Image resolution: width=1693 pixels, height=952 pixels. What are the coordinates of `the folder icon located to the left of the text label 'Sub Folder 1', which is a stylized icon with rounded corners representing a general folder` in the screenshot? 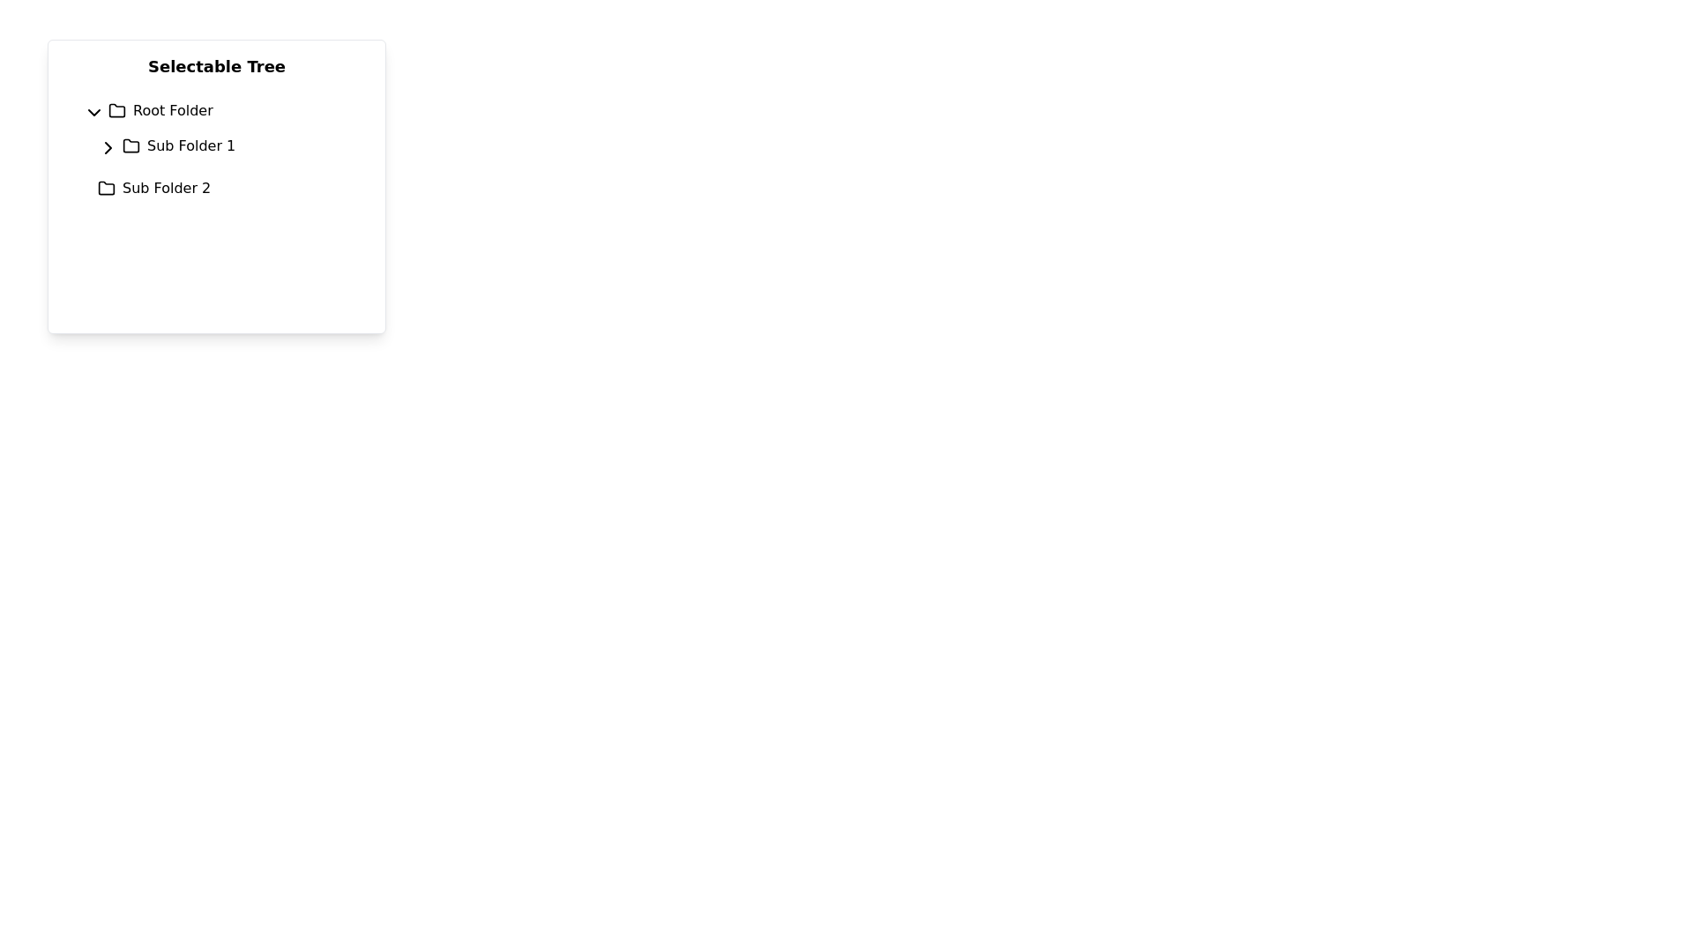 It's located at (130, 145).